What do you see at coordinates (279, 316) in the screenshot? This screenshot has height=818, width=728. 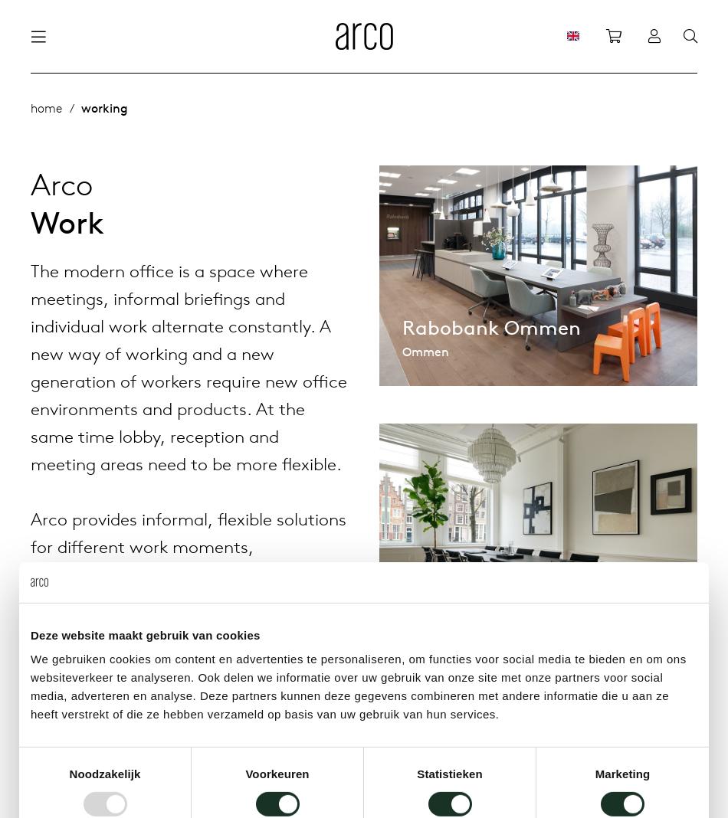 I see `'Benches'` at bounding box center [279, 316].